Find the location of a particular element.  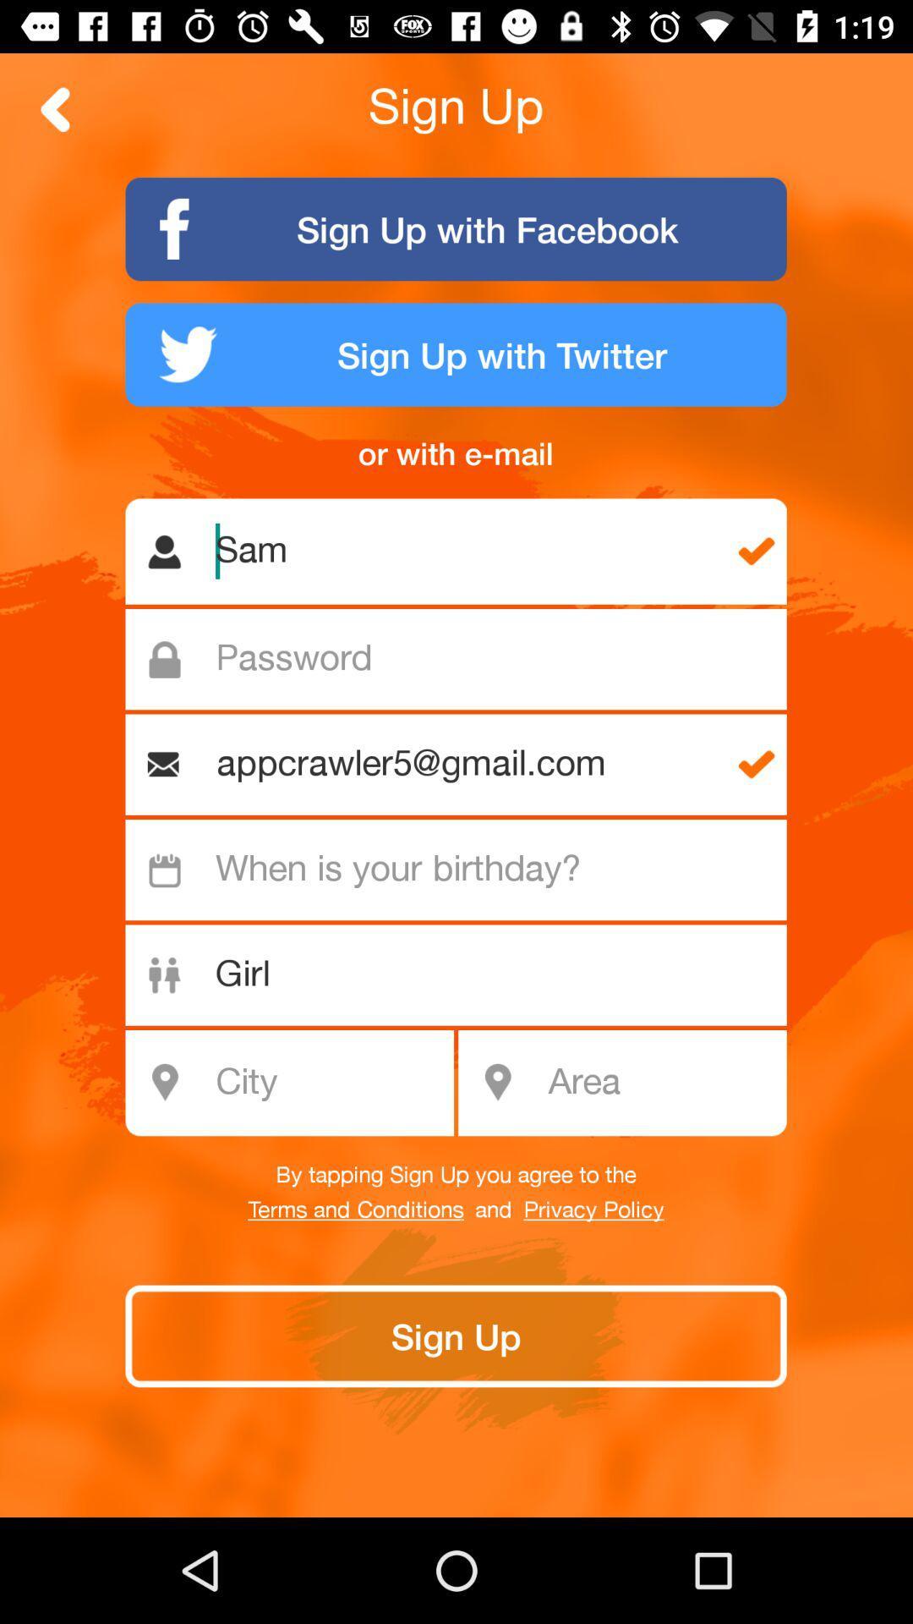

type your birthday is located at coordinates (465, 870).